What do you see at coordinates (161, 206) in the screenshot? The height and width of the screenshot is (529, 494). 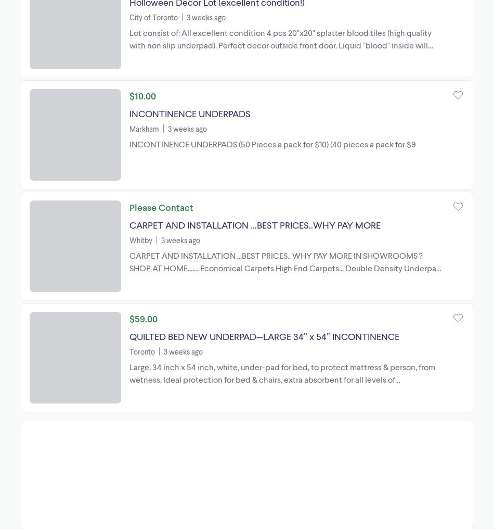 I see `'Please Contact'` at bounding box center [161, 206].